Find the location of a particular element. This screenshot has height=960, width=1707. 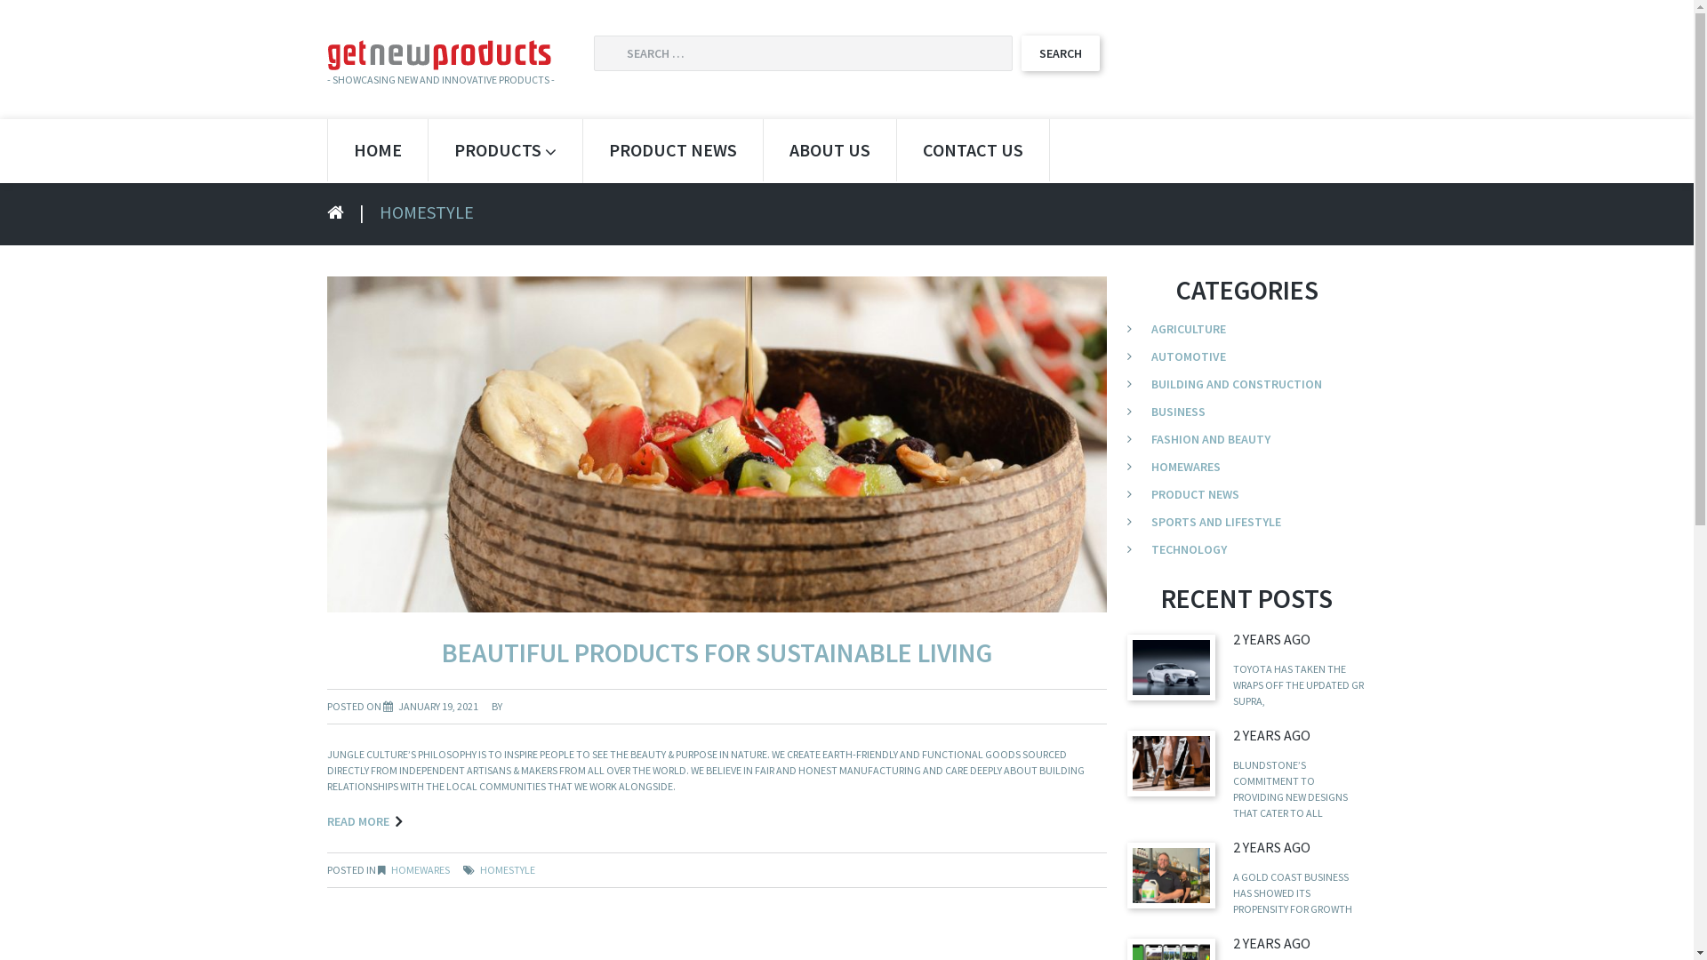

'PRODUCT NEWS' is located at coordinates (1195, 493).